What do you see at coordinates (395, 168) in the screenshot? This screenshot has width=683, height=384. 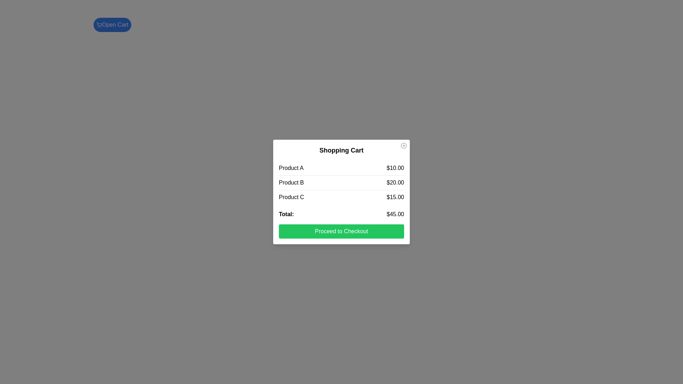 I see `the static text label displaying the monetary value '$10.00' for 'Product A' in the shopping cart modal, located on the far right side of the corresponding row` at bounding box center [395, 168].